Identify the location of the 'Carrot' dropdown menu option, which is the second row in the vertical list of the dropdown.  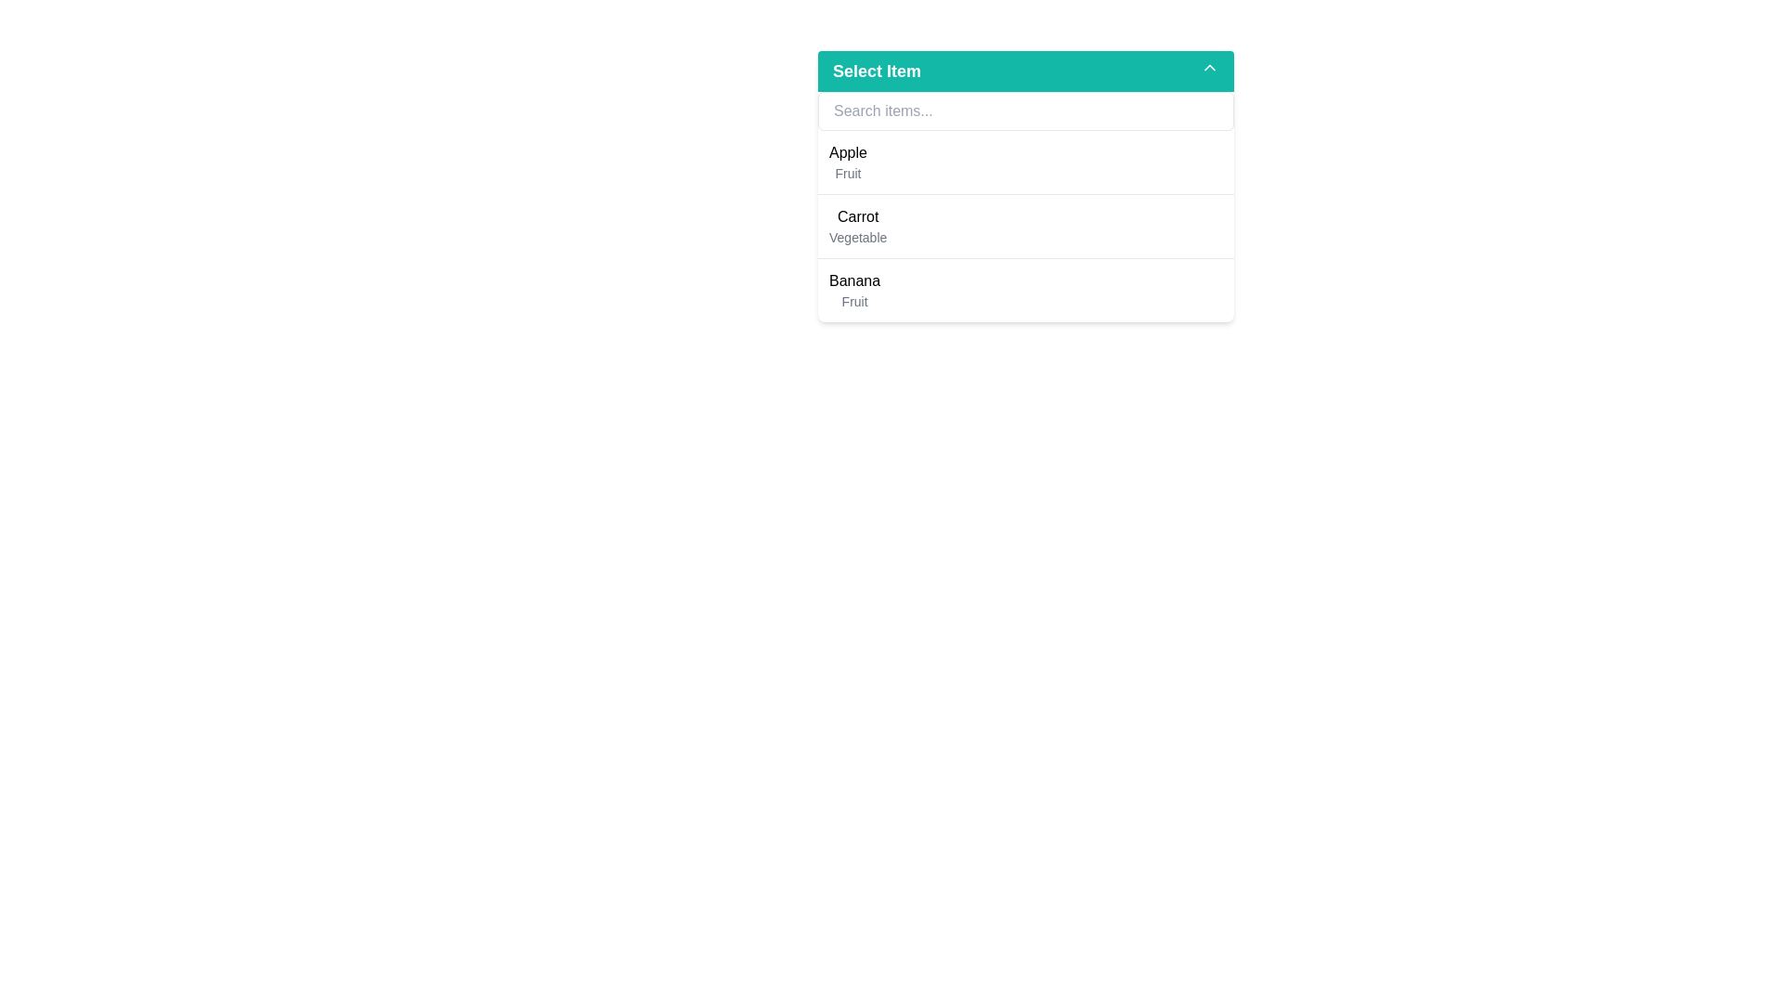
(1024, 225).